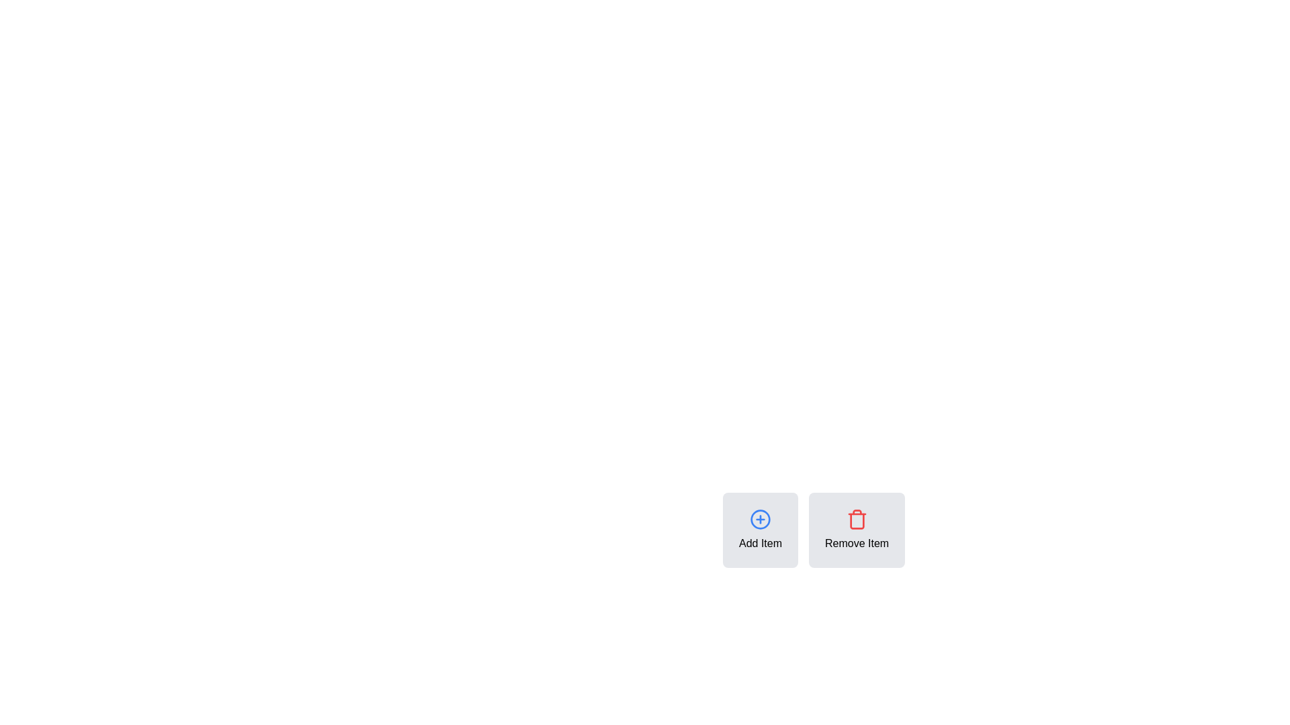 The width and height of the screenshot is (1290, 725). Describe the element at coordinates (761, 530) in the screenshot. I see `the grey rectangular button with rounded corners that has a blue circular plus icon and the label 'Add Item' beneath it` at that location.